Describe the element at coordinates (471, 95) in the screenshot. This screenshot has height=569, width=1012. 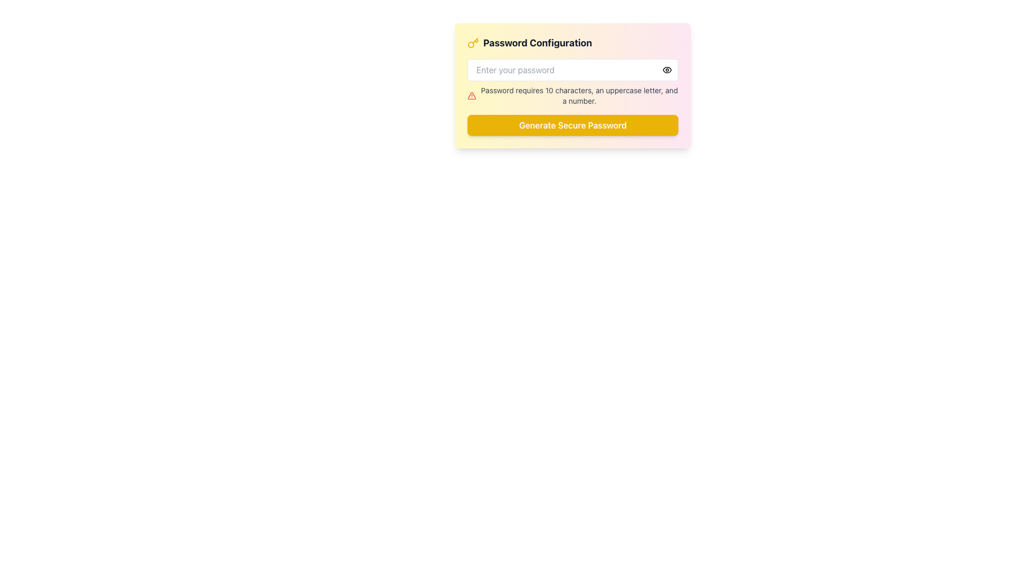
I see `the alert icon that indicates unmet password requirements, positioned to the left of the message text about password criteria` at that location.